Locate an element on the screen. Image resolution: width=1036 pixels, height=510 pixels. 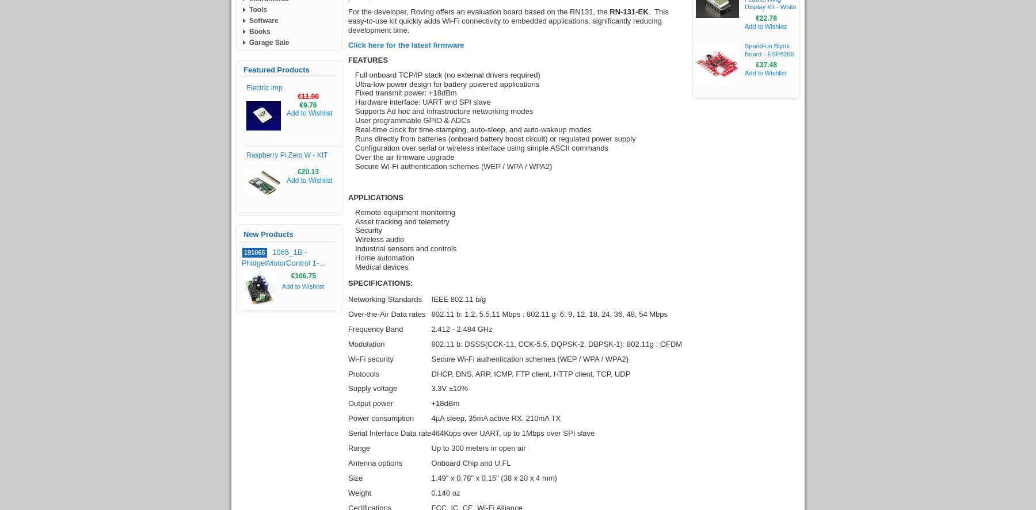
'Output power' is located at coordinates (371, 403).